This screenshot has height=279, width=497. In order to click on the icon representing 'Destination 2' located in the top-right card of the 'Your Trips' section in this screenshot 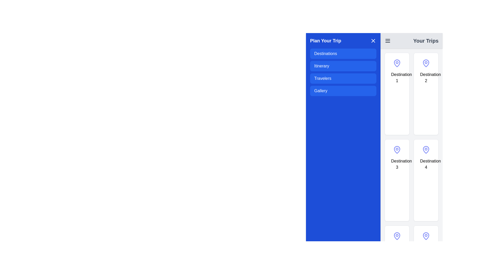, I will do `click(426, 63)`.